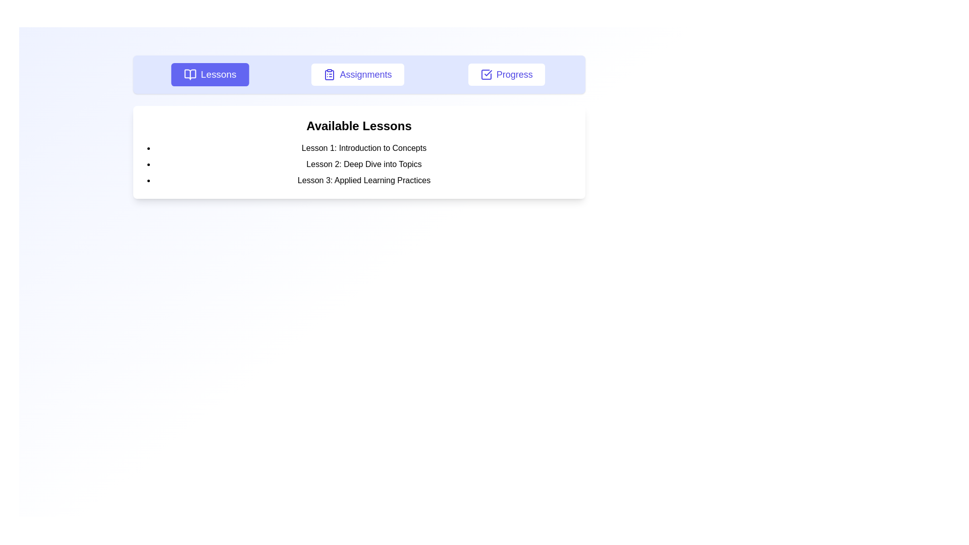  I want to click on the 'Assignments' text label, which is part of the navigational bar at the top of the page, styled in a bold, indigo-blue font and located between 'Lessons' and 'Progress', so click(365, 74).